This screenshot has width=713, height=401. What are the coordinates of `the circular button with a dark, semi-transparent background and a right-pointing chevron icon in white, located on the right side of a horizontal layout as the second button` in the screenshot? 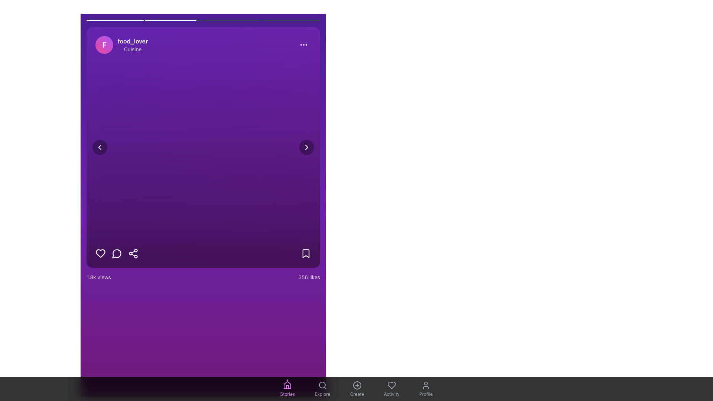 It's located at (306, 147).